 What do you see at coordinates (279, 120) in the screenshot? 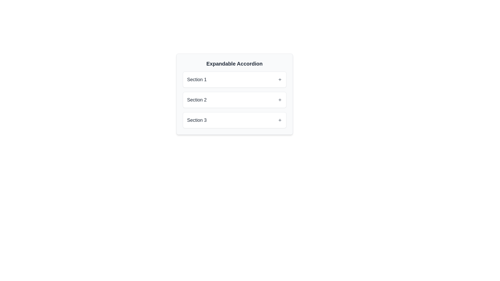
I see `the gray interactive button featuring a '+' symbol` at bounding box center [279, 120].